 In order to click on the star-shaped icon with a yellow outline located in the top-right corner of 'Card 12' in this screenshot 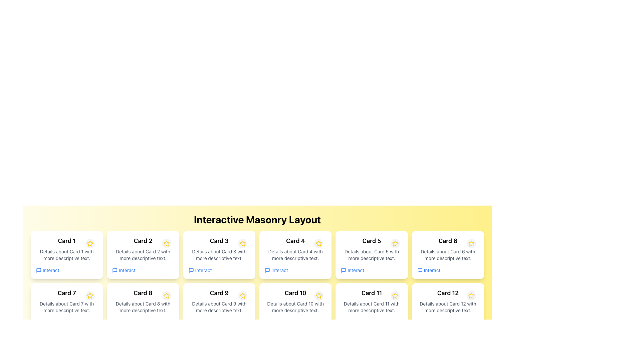, I will do `click(471, 295)`.